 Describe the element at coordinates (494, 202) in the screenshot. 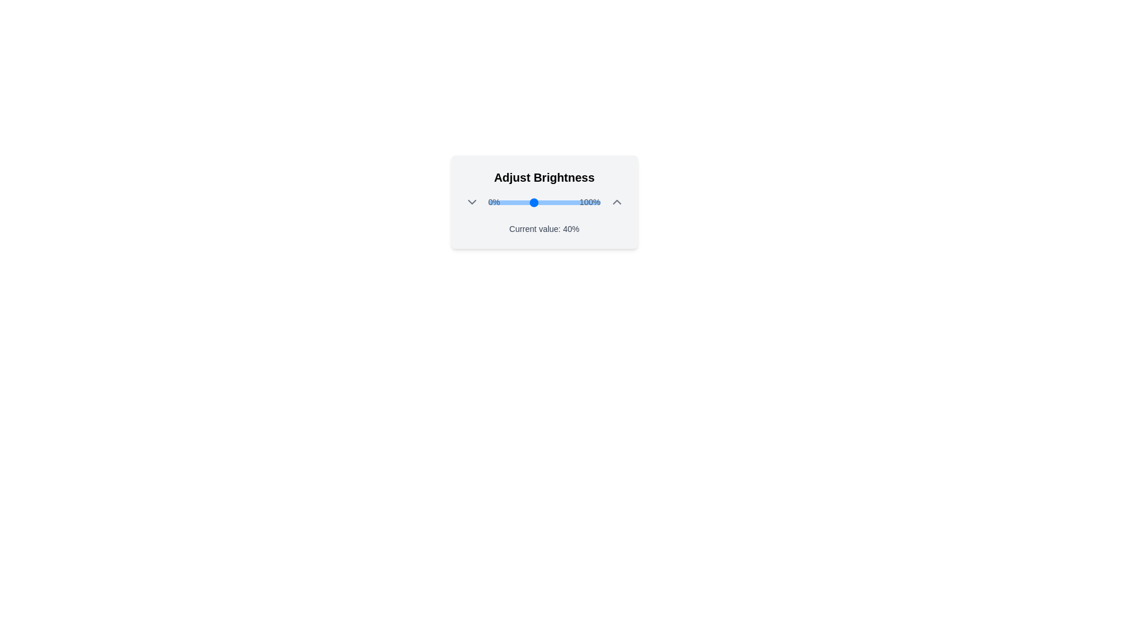

I see `the Static Text that displays the current value of the slider at its minimal setting, located above the text 'Current value: 40%' and below the title 'Adjust Brightness'` at that location.